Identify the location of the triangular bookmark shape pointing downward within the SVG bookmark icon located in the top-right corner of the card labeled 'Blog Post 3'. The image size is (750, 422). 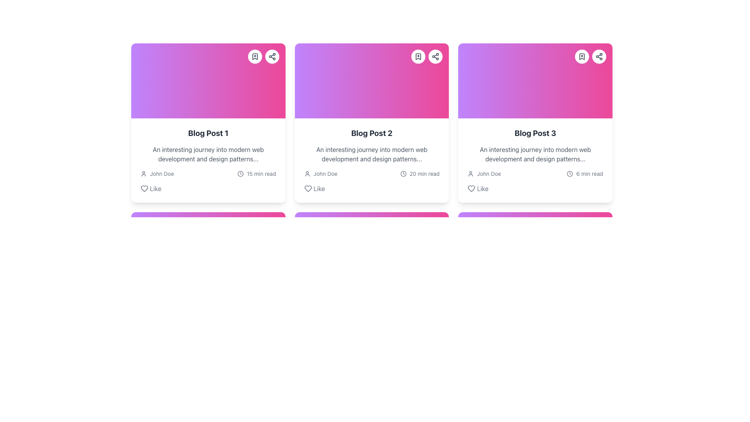
(582, 56).